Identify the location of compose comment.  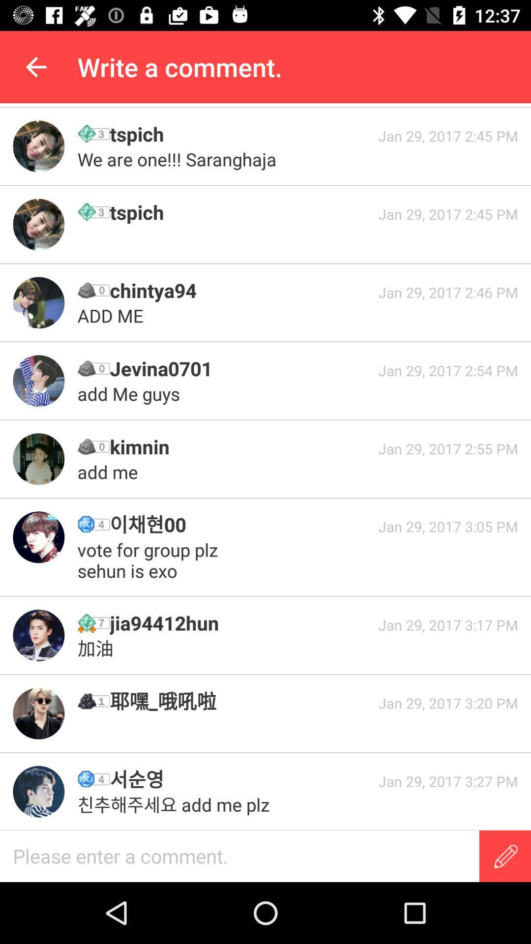
(505, 855).